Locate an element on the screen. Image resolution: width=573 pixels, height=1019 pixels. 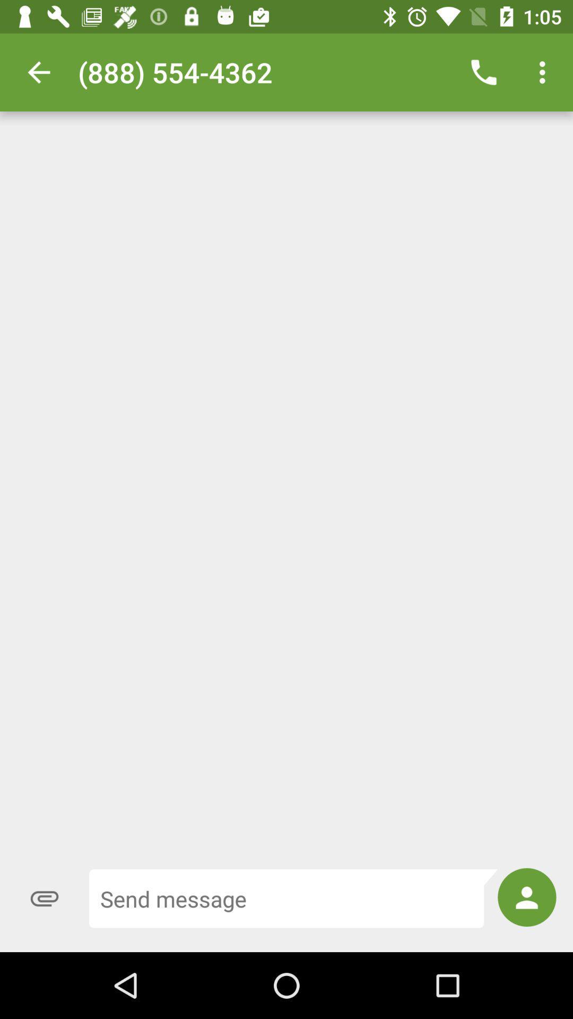
icon at the bottom left corner is located at coordinates (44, 898).